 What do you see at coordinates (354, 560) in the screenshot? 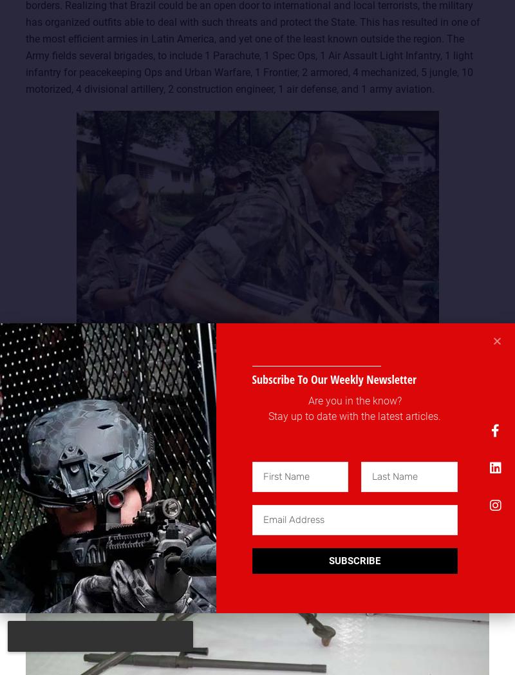
I see `'subscribe'` at bounding box center [354, 560].